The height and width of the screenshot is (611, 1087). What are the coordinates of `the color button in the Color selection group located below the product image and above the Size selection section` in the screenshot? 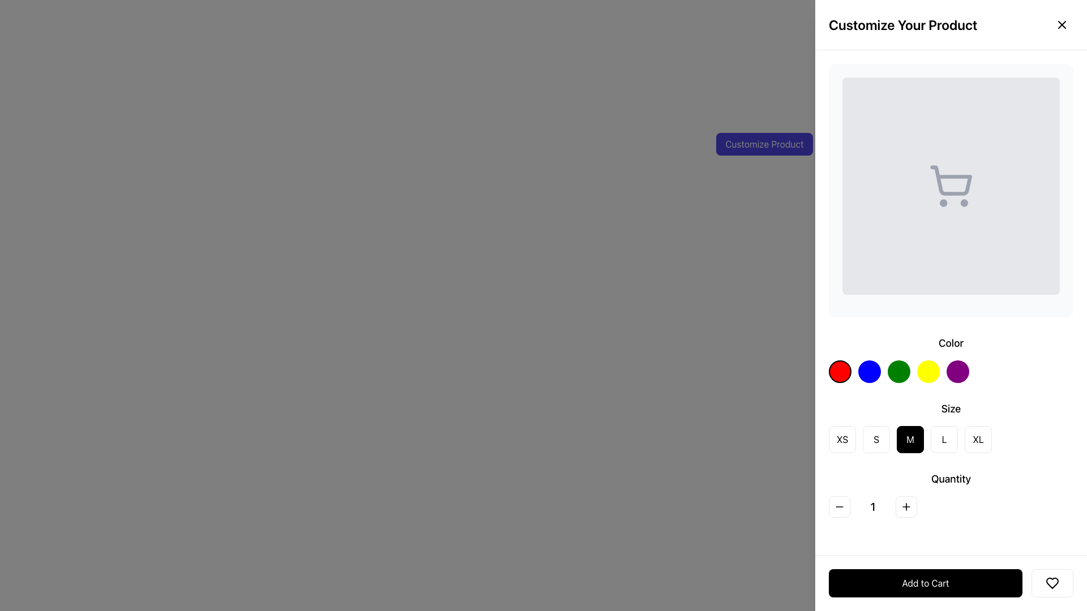 It's located at (951, 359).